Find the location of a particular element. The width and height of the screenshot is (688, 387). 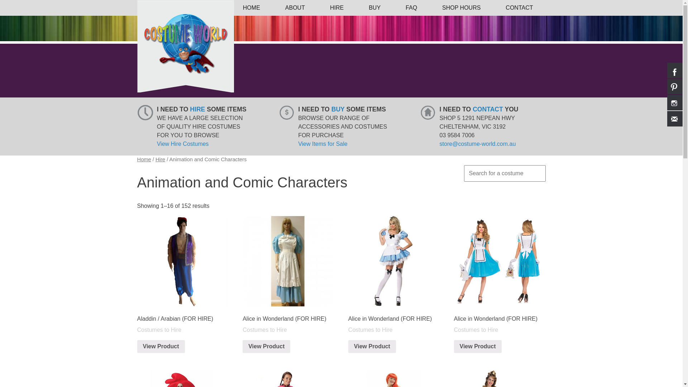

'View Items for Sale' is located at coordinates (322, 144).